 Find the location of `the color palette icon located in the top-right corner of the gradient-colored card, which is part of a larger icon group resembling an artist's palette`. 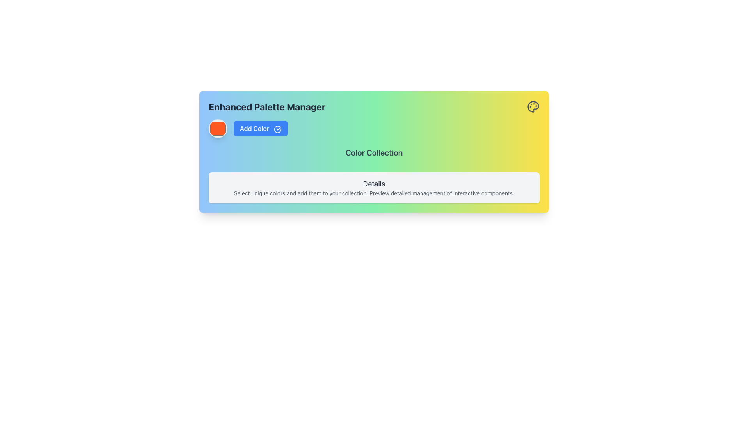

the color palette icon located in the top-right corner of the gradient-colored card, which is part of a larger icon group resembling an artist's palette is located at coordinates (533, 106).